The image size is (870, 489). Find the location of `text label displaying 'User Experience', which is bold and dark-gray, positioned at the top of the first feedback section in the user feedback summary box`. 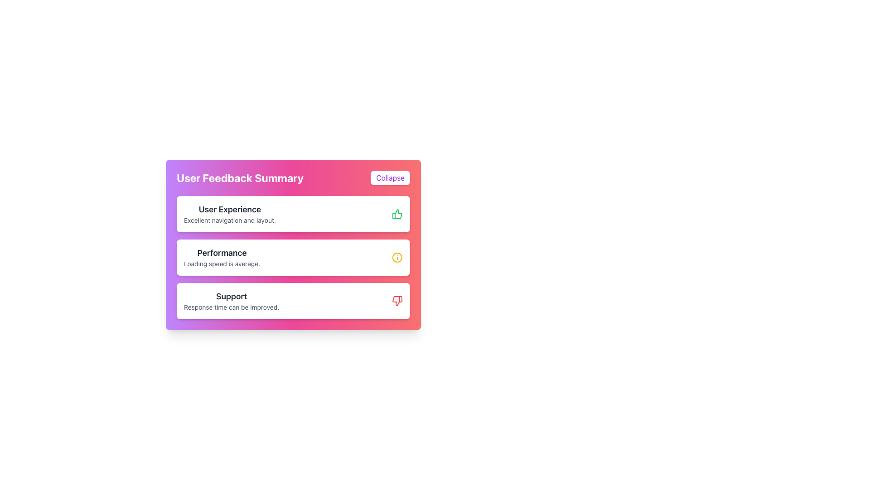

text label displaying 'User Experience', which is bold and dark-gray, positioned at the top of the first feedback section in the user feedback summary box is located at coordinates (230, 209).